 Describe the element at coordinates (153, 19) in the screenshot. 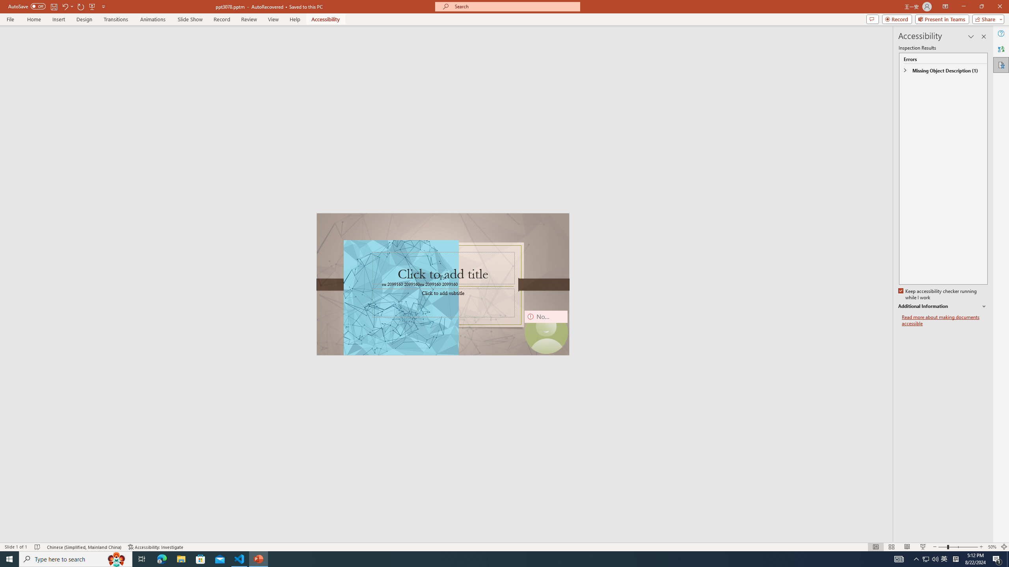

I see `'Animations'` at that location.